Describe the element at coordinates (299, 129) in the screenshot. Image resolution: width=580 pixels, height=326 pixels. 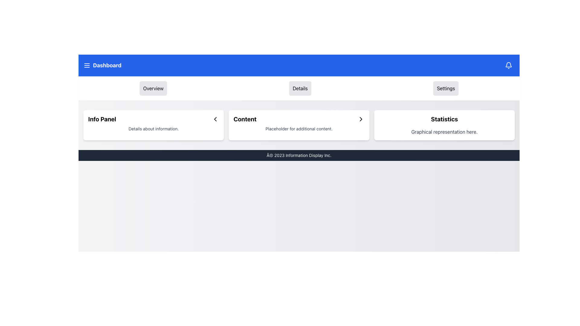
I see `the text label that reads 'Placeholder for additional content.' located beneath the bold header 'Content' in the central panel` at that location.